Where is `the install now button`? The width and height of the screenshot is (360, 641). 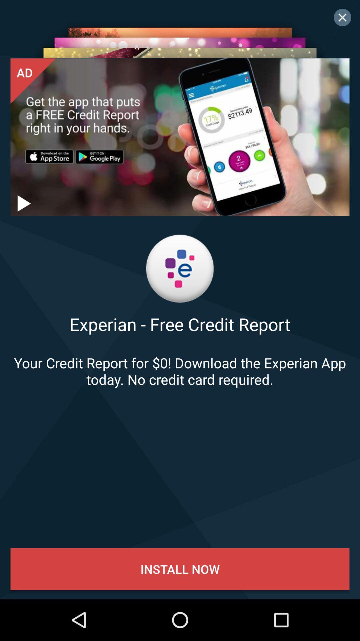
the install now button is located at coordinates (180, 569).